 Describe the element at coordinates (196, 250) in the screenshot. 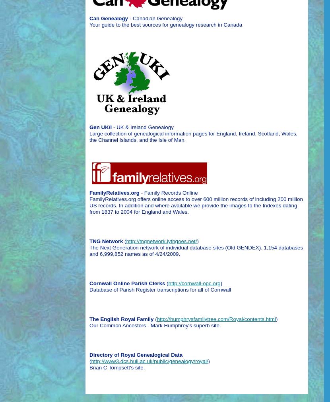

I see `'The Next Generation network of individual database sites (Old GENDEX). 1,154 databases and 6,999,852 names as of 4/24/2009.'` at that location.